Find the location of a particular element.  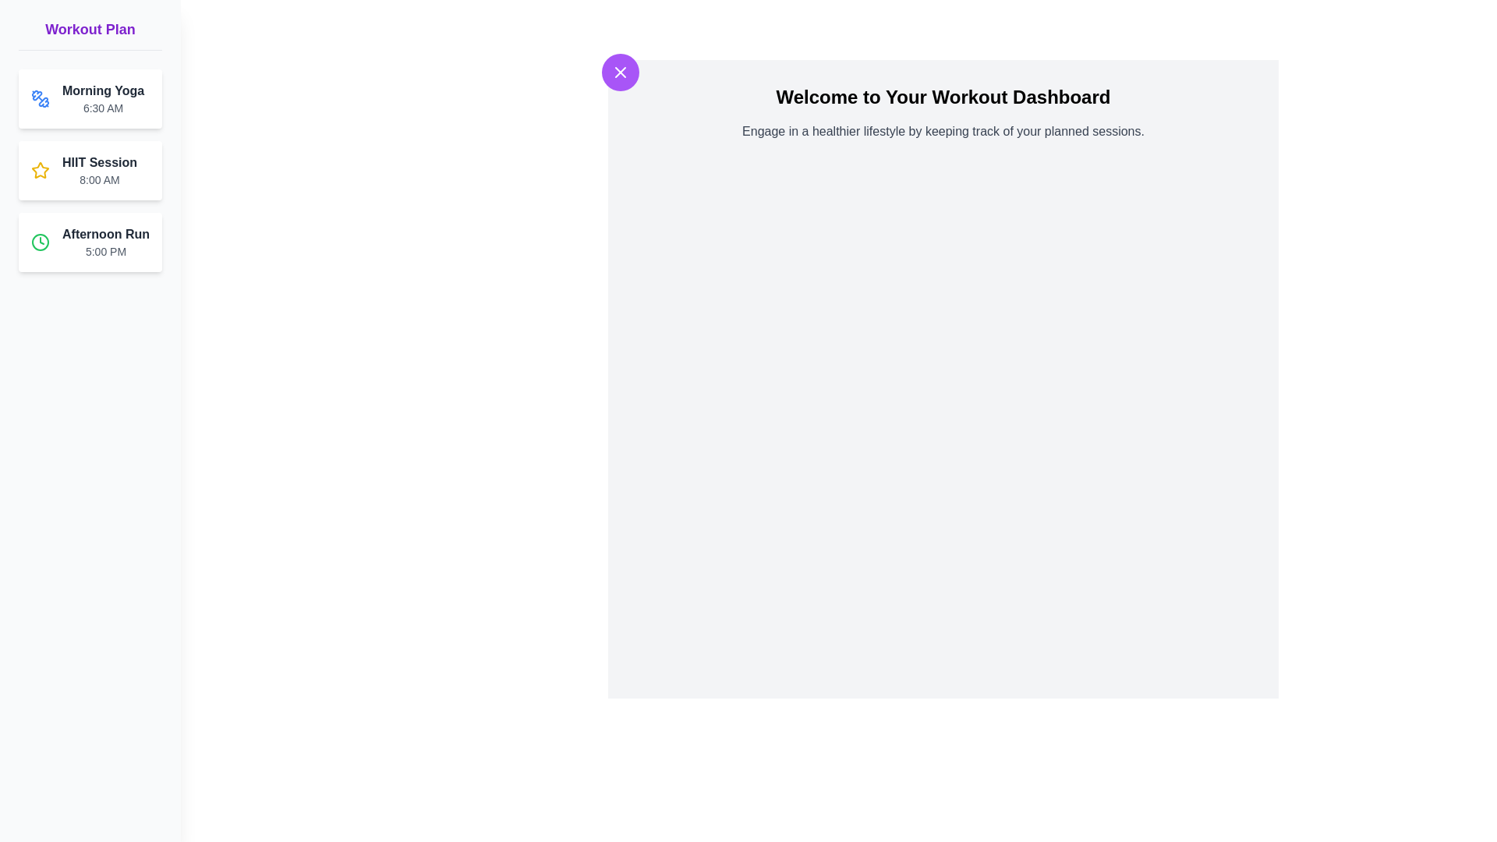

the toggle button to toggle the drawer state is located at coordinates (620, 72).